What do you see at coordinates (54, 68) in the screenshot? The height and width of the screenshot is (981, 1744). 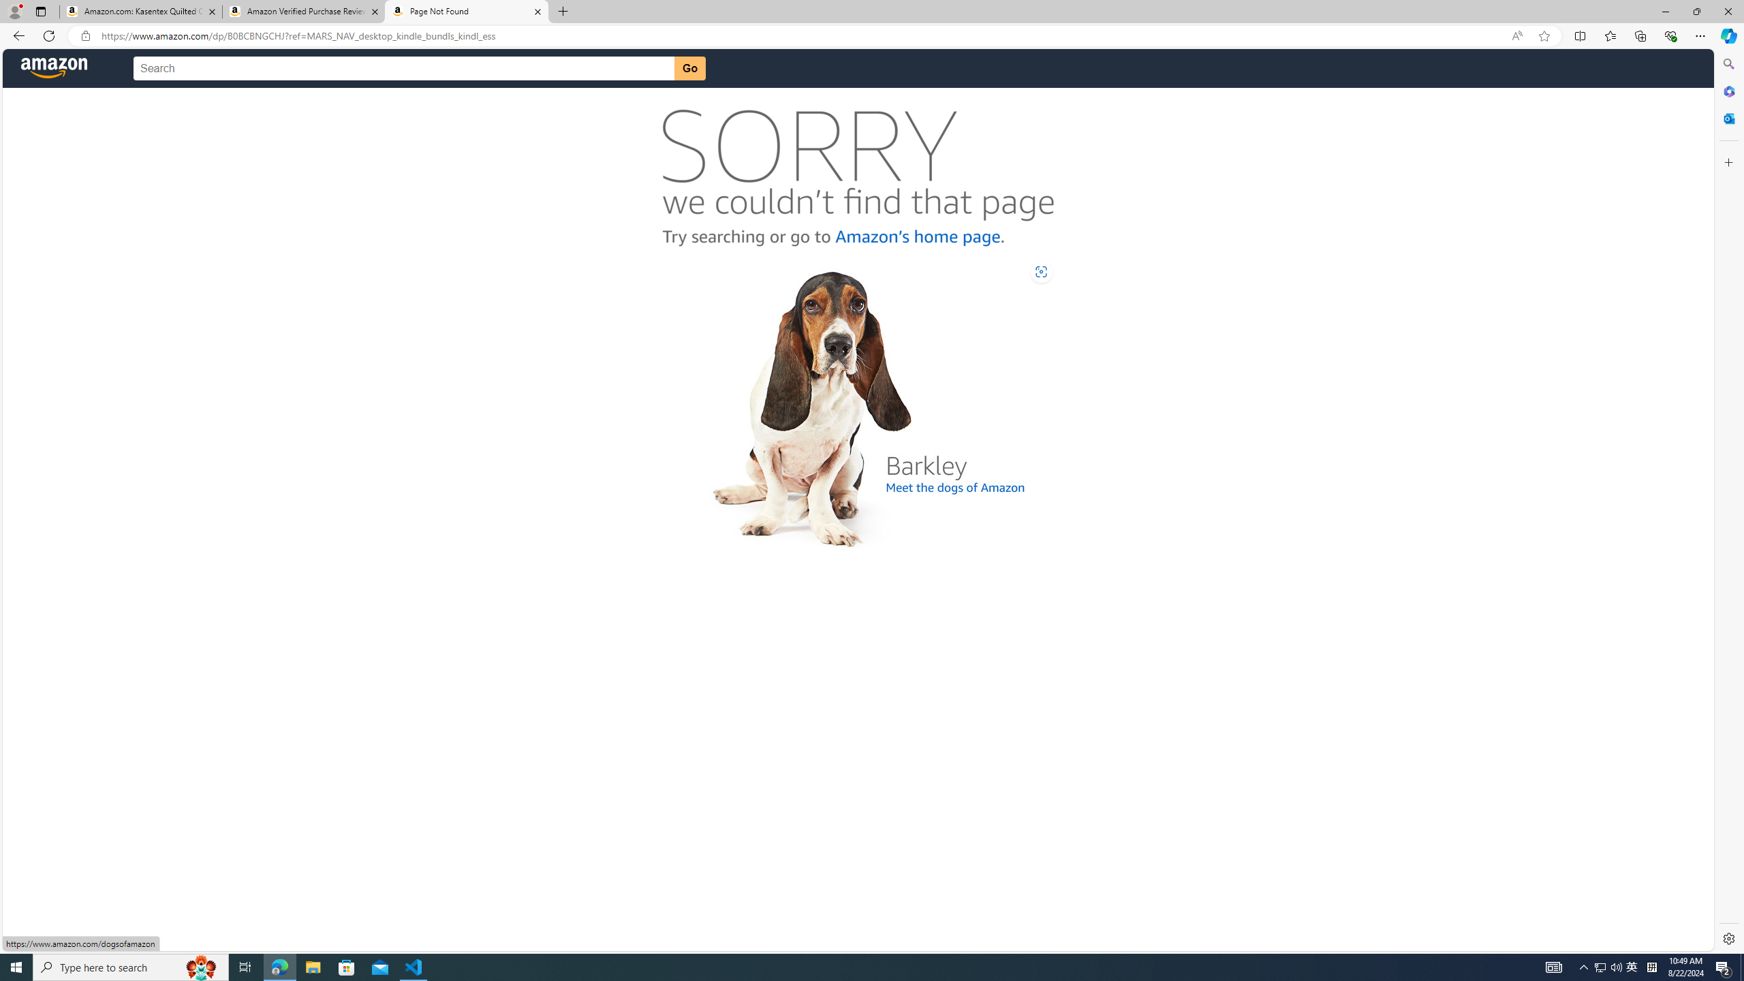 I see `'Amazon'` at bounding box center [54, 68].